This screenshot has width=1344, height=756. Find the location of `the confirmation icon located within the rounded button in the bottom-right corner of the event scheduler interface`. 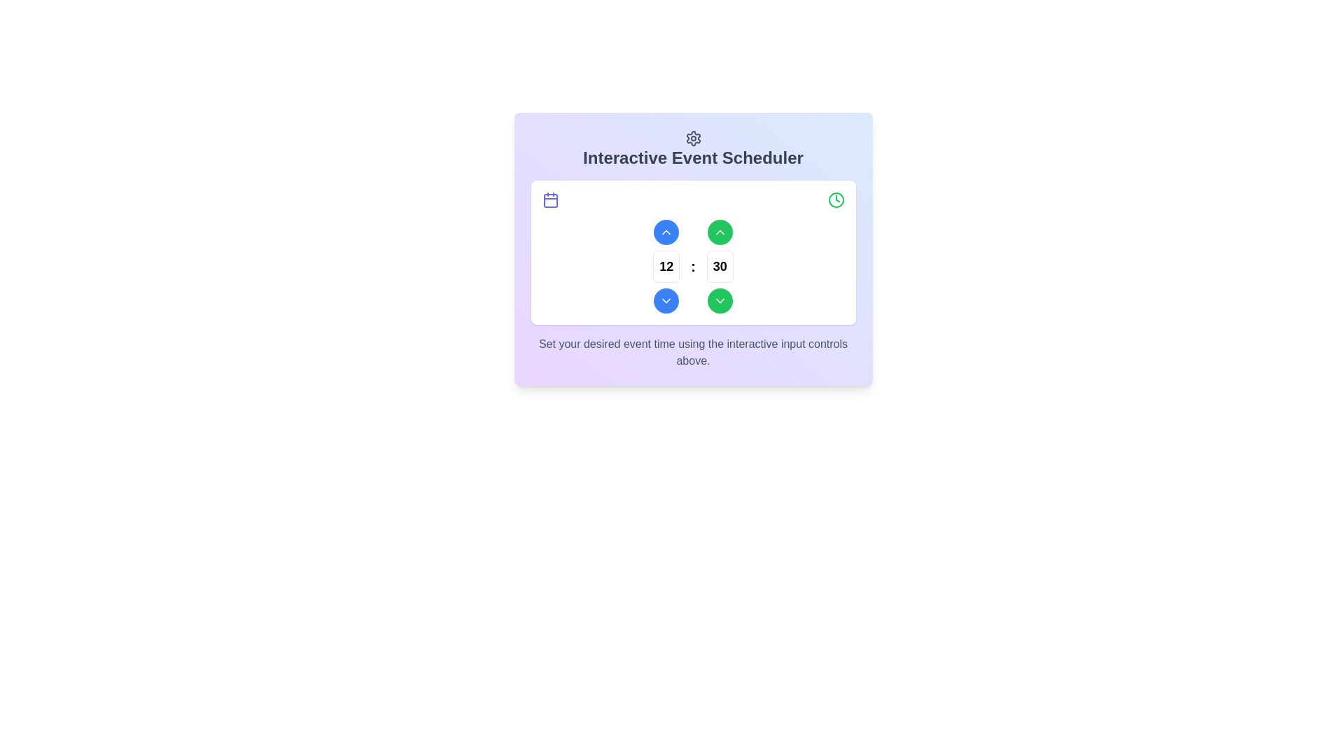

the confirmation icon located within the rounded button in the bottom-right corner of the event scheduler interface is located at coordinates (720, 300).